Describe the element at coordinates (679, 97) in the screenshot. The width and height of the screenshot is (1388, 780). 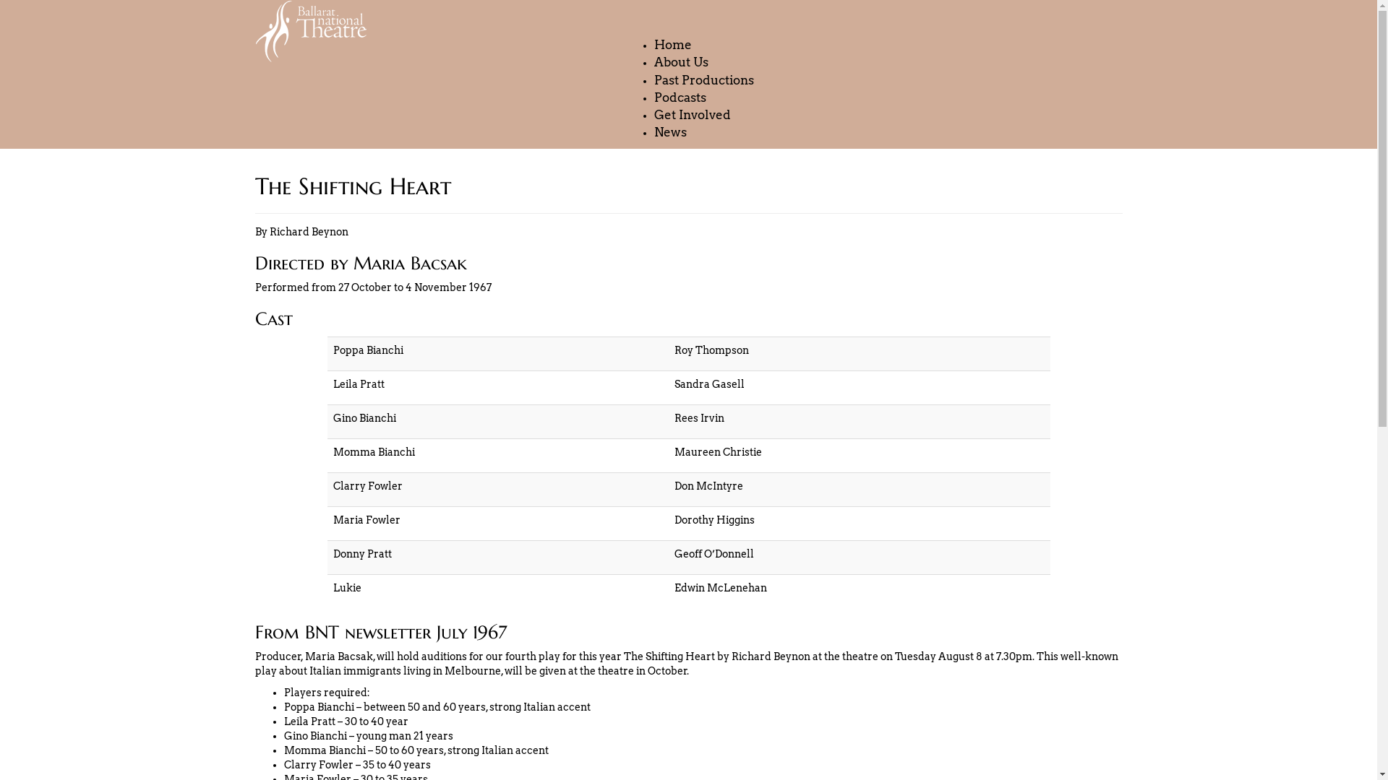
I see `'Podcasts'` at that location.